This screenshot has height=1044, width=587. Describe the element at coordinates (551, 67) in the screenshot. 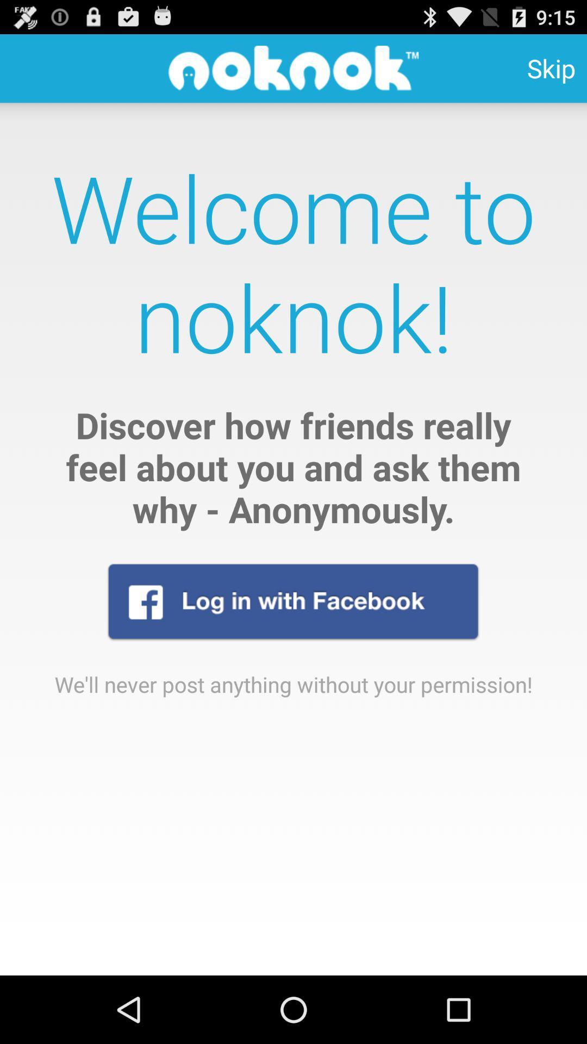

I see `skip icon` at that location.